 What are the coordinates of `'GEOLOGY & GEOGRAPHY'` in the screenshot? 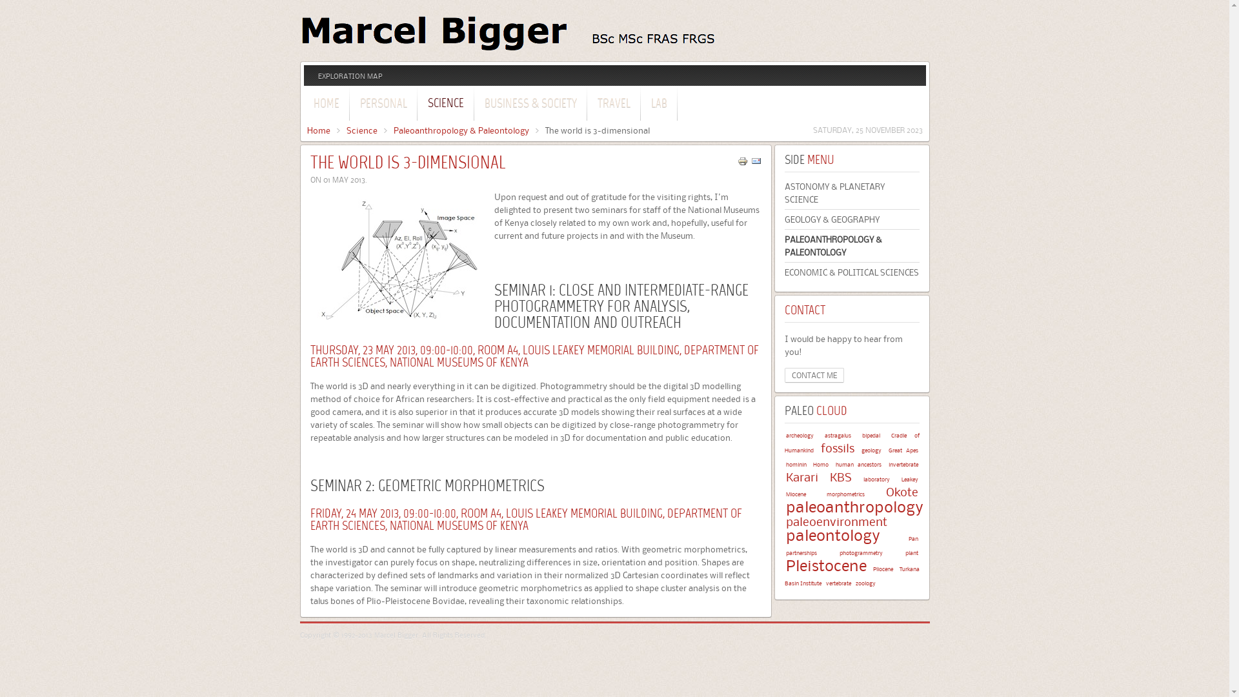 It's located at (852, 218).